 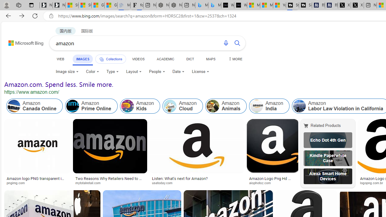 I want to click on 'Image size', so click(x=67, y=71).